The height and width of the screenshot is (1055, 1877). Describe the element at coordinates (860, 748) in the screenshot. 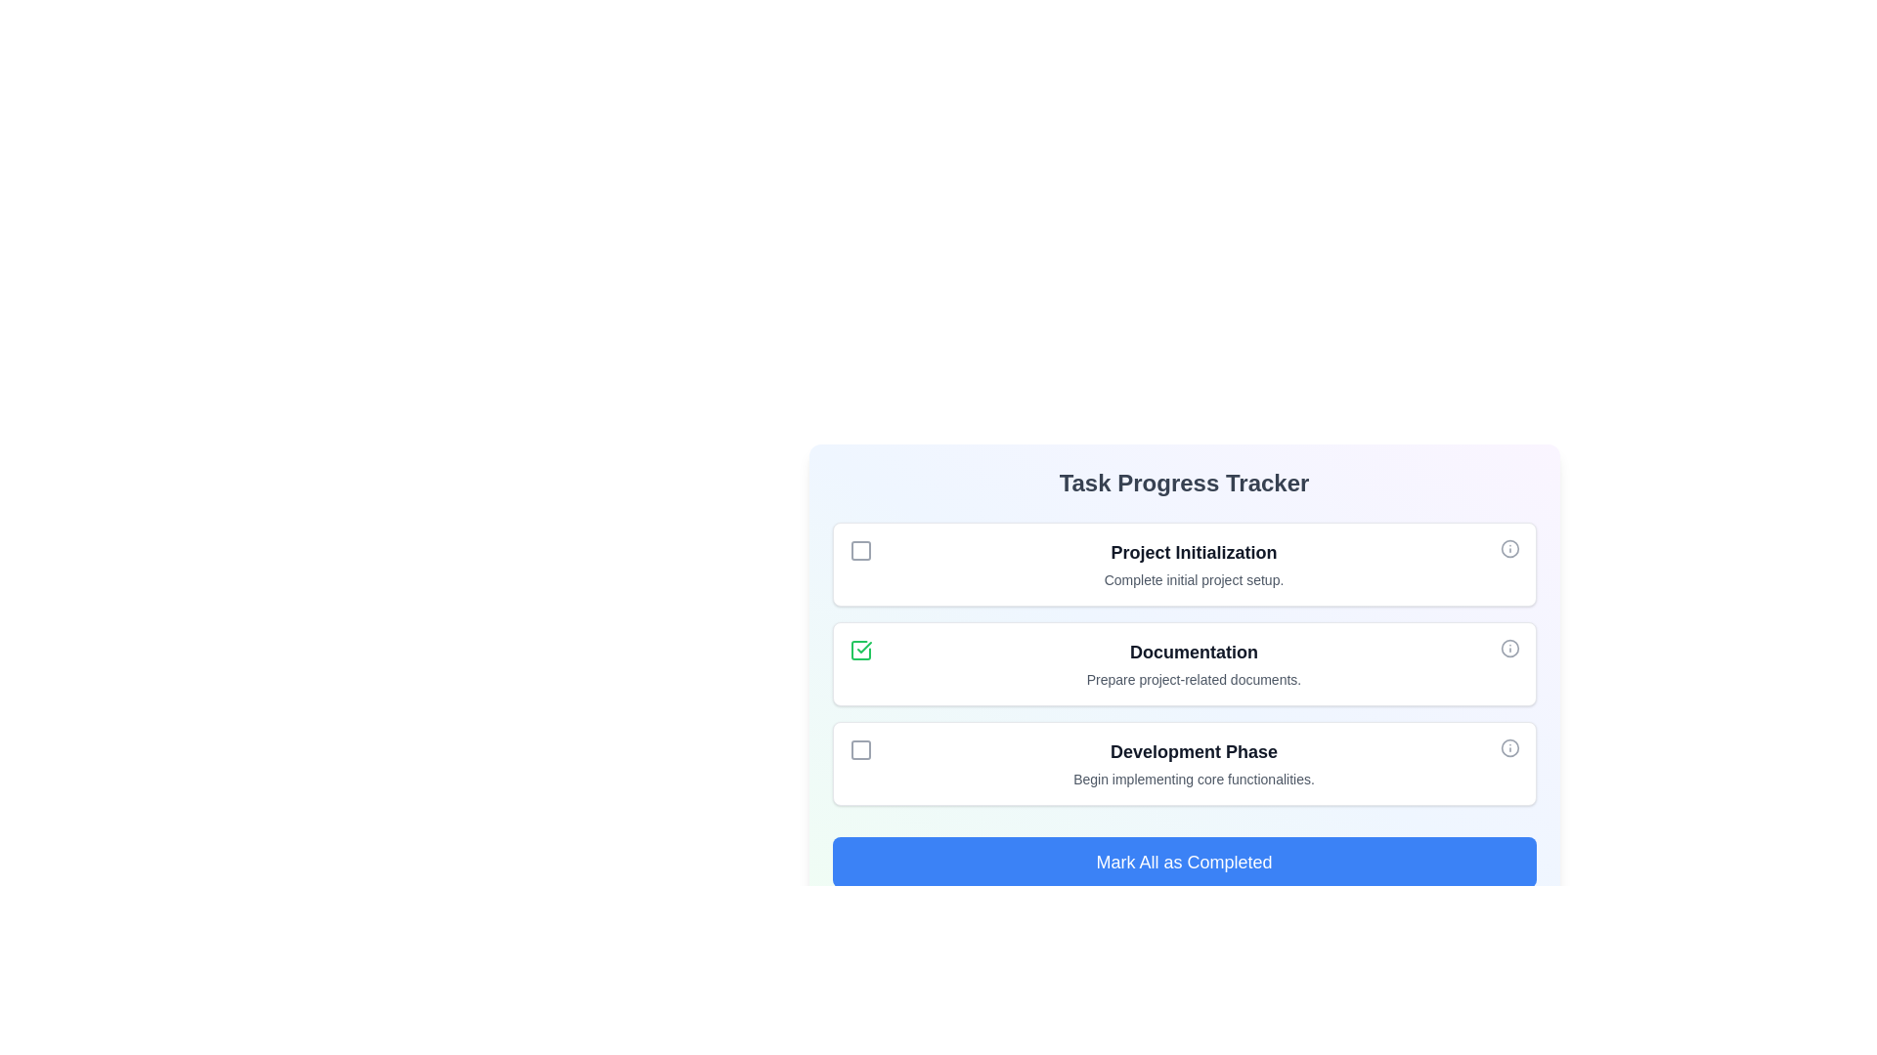

I see `the checkbox that allows users` at that location.